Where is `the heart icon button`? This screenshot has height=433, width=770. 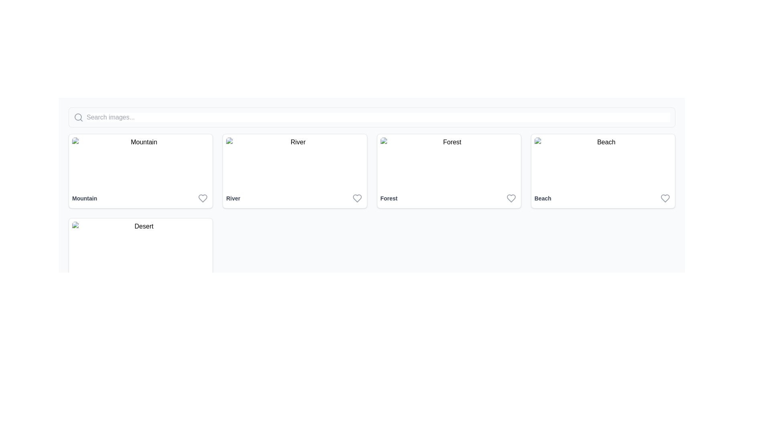 the heart icon button is located at coordinates (203, 198).